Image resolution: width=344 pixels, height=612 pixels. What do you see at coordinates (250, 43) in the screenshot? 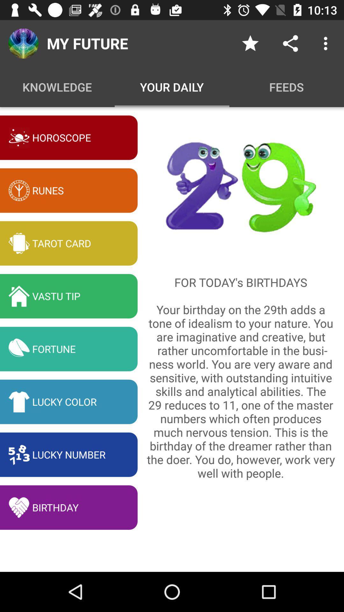
I see `item to the right of the my future item` at bounding box center [250, 43].